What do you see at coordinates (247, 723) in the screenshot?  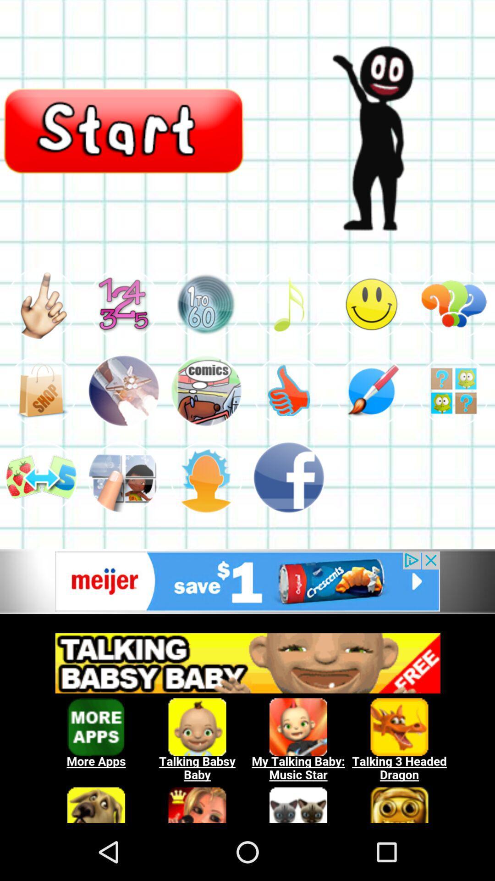 I see `adsense link` at bounding box center [247, 723].